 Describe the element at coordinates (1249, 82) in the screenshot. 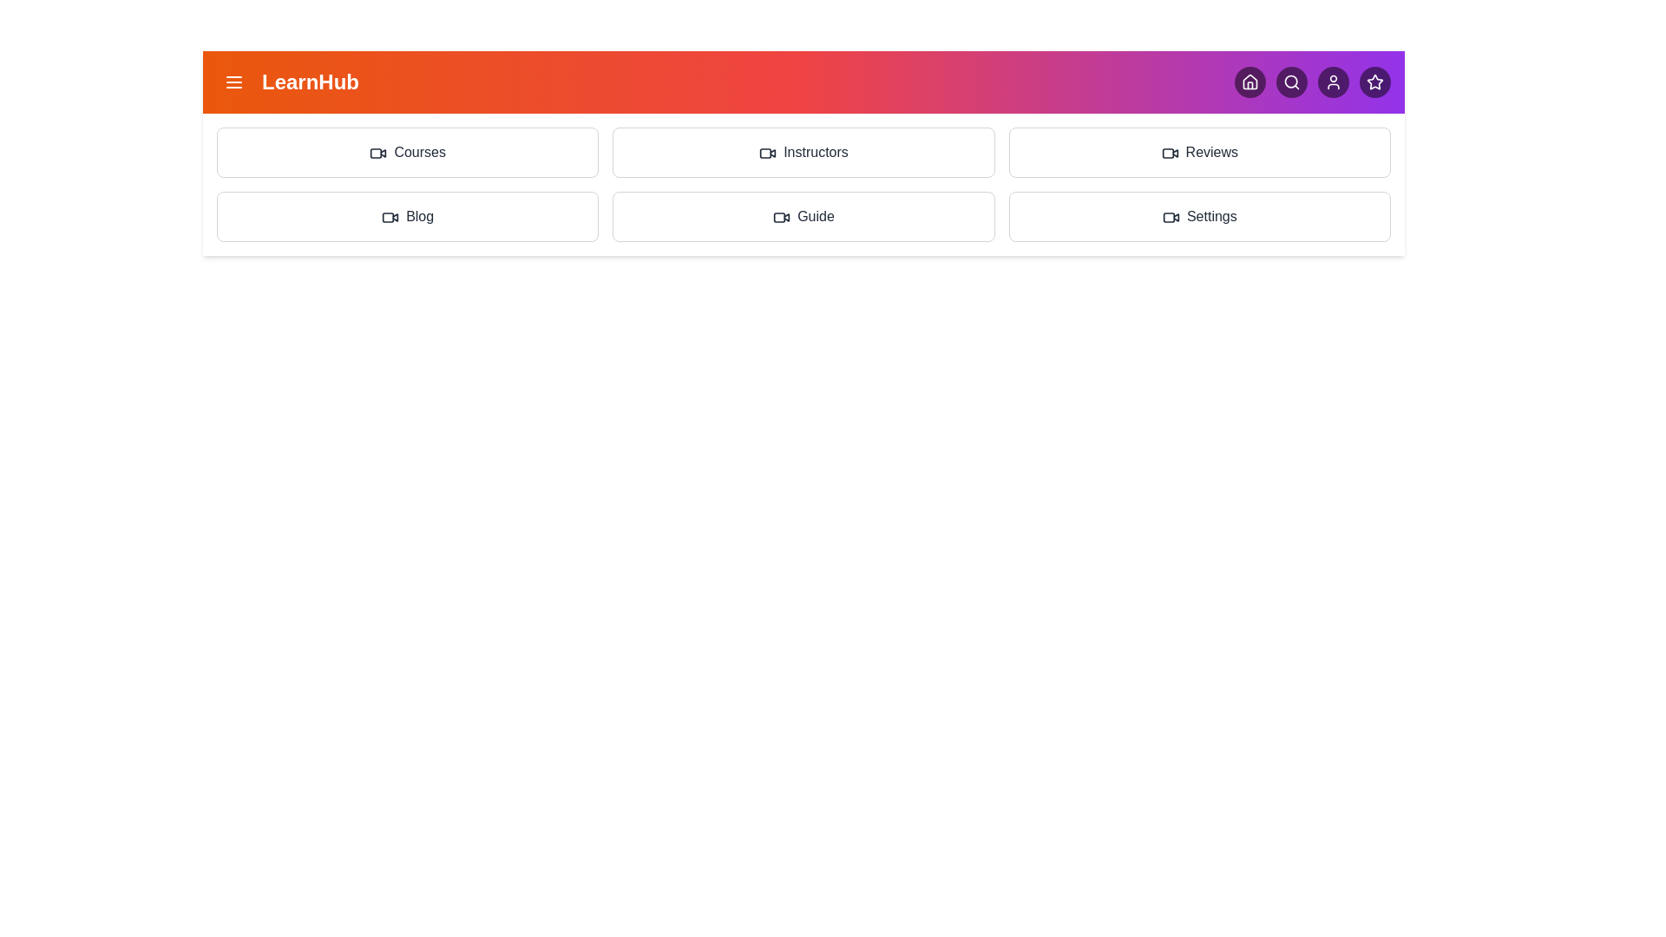

I see `the navigation icon corresponding to Home` at that location.